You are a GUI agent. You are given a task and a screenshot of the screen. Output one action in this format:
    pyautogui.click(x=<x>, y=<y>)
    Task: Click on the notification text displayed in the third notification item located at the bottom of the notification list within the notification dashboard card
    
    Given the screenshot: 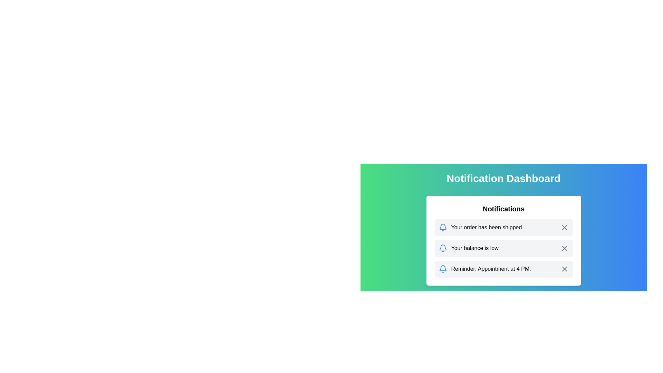 What is the action you would take?
    pyautogui.click(x=484, y=269)
    